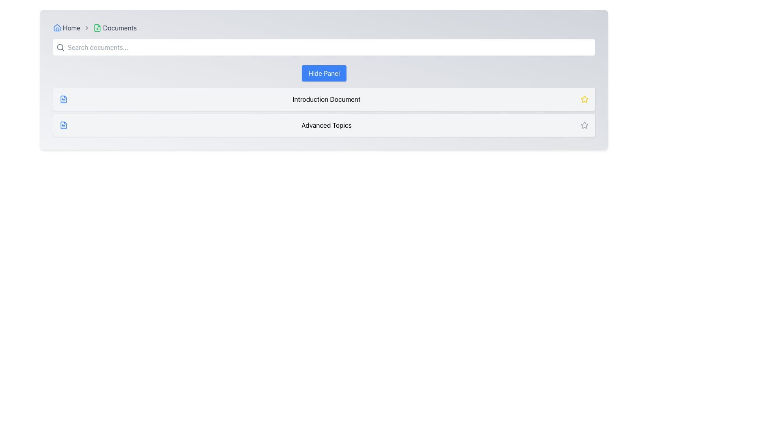  Describe the element at coordinates (114, 28) in the screenshot. I see `the 'Documents' text label in the breadcrumbs navigation bar, which is styled in dark-gray color and located adjacent to a green file icon with a plus sign` at that location.